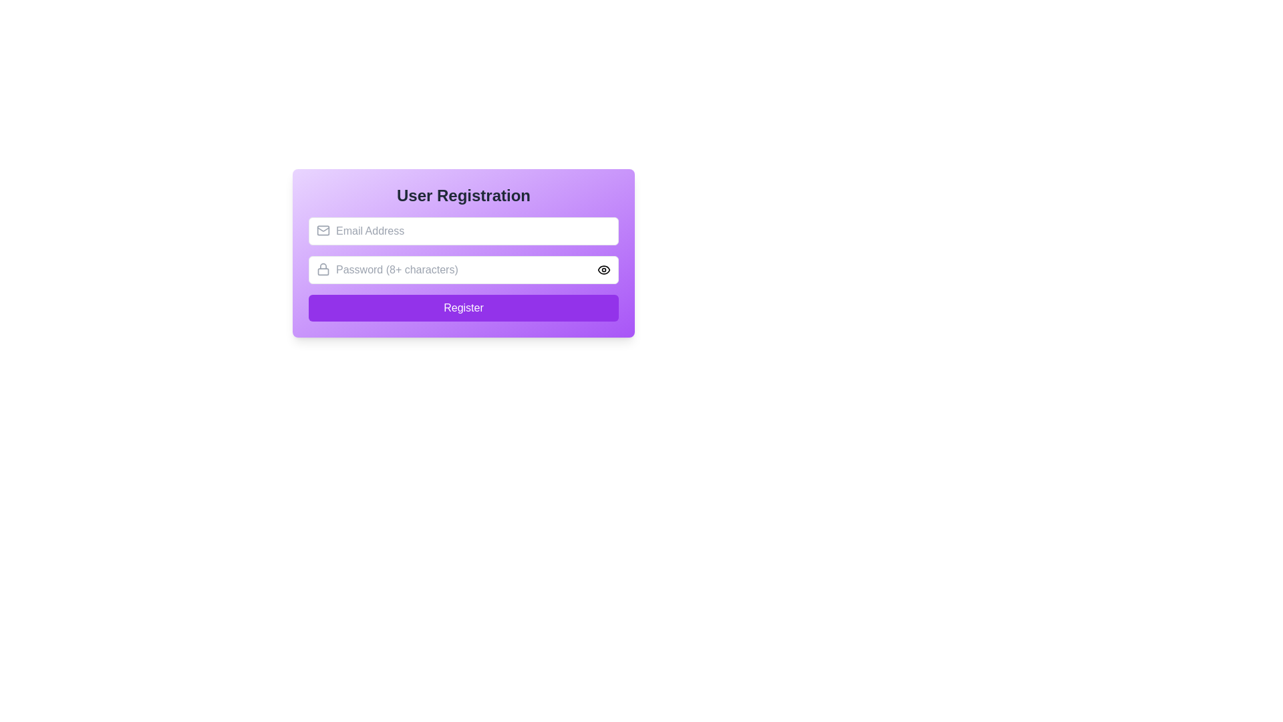 Image resolution: width=1283 pixels, height=722 pixels. Describe the element at coordinates (464, 281) in the screenshot. I see `the password input field located in the User Registration form to focus the input for entering passwords` at that location.